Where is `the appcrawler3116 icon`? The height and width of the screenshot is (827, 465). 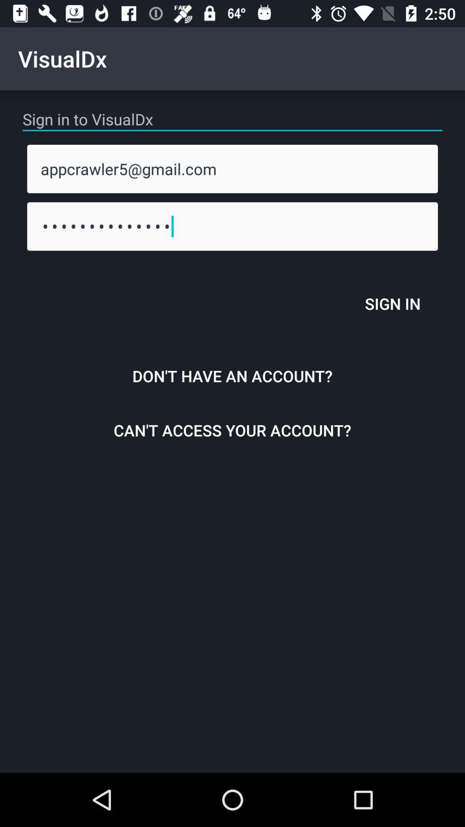
the appcrawler3116 icon is located at coordinates (232, 226).